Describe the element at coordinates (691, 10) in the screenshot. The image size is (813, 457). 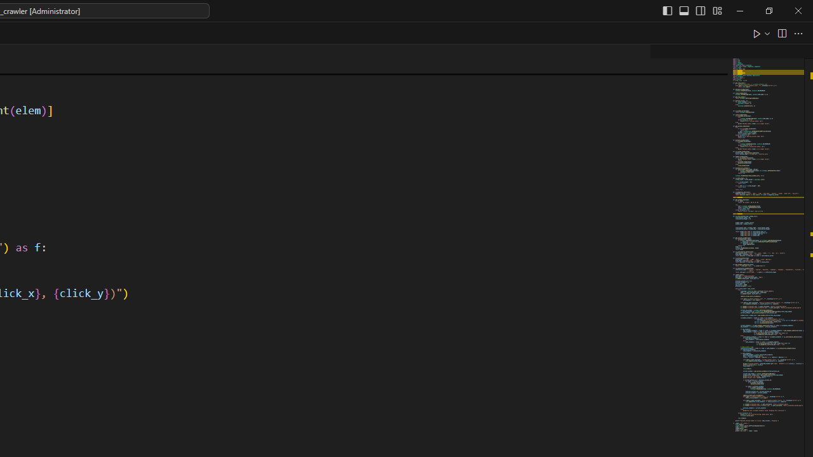
I see `'Title actions'` at that location.